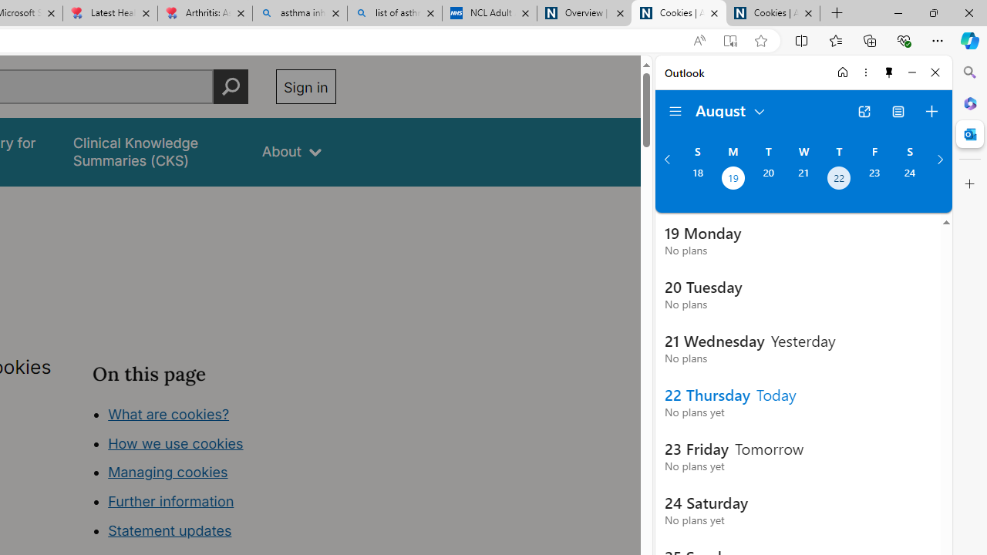 This screenshot has width=987, height=555. What do you see at coordinates (768, 179) in the screenshot?
I see `'Tuesday, August 20, 2024. '` at bounding box center [768, 179].